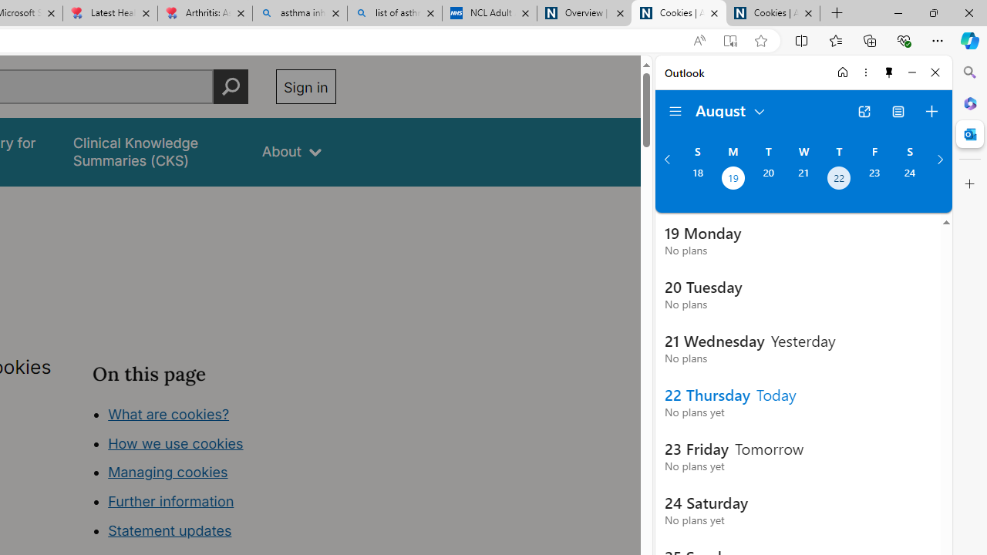 This screenshot has width=987, height=555. What do you see at coordinates (768, 179) in the screenshot?
I see `'Tuesday, August 20, 2024. '` at bounding box center [768, 179].